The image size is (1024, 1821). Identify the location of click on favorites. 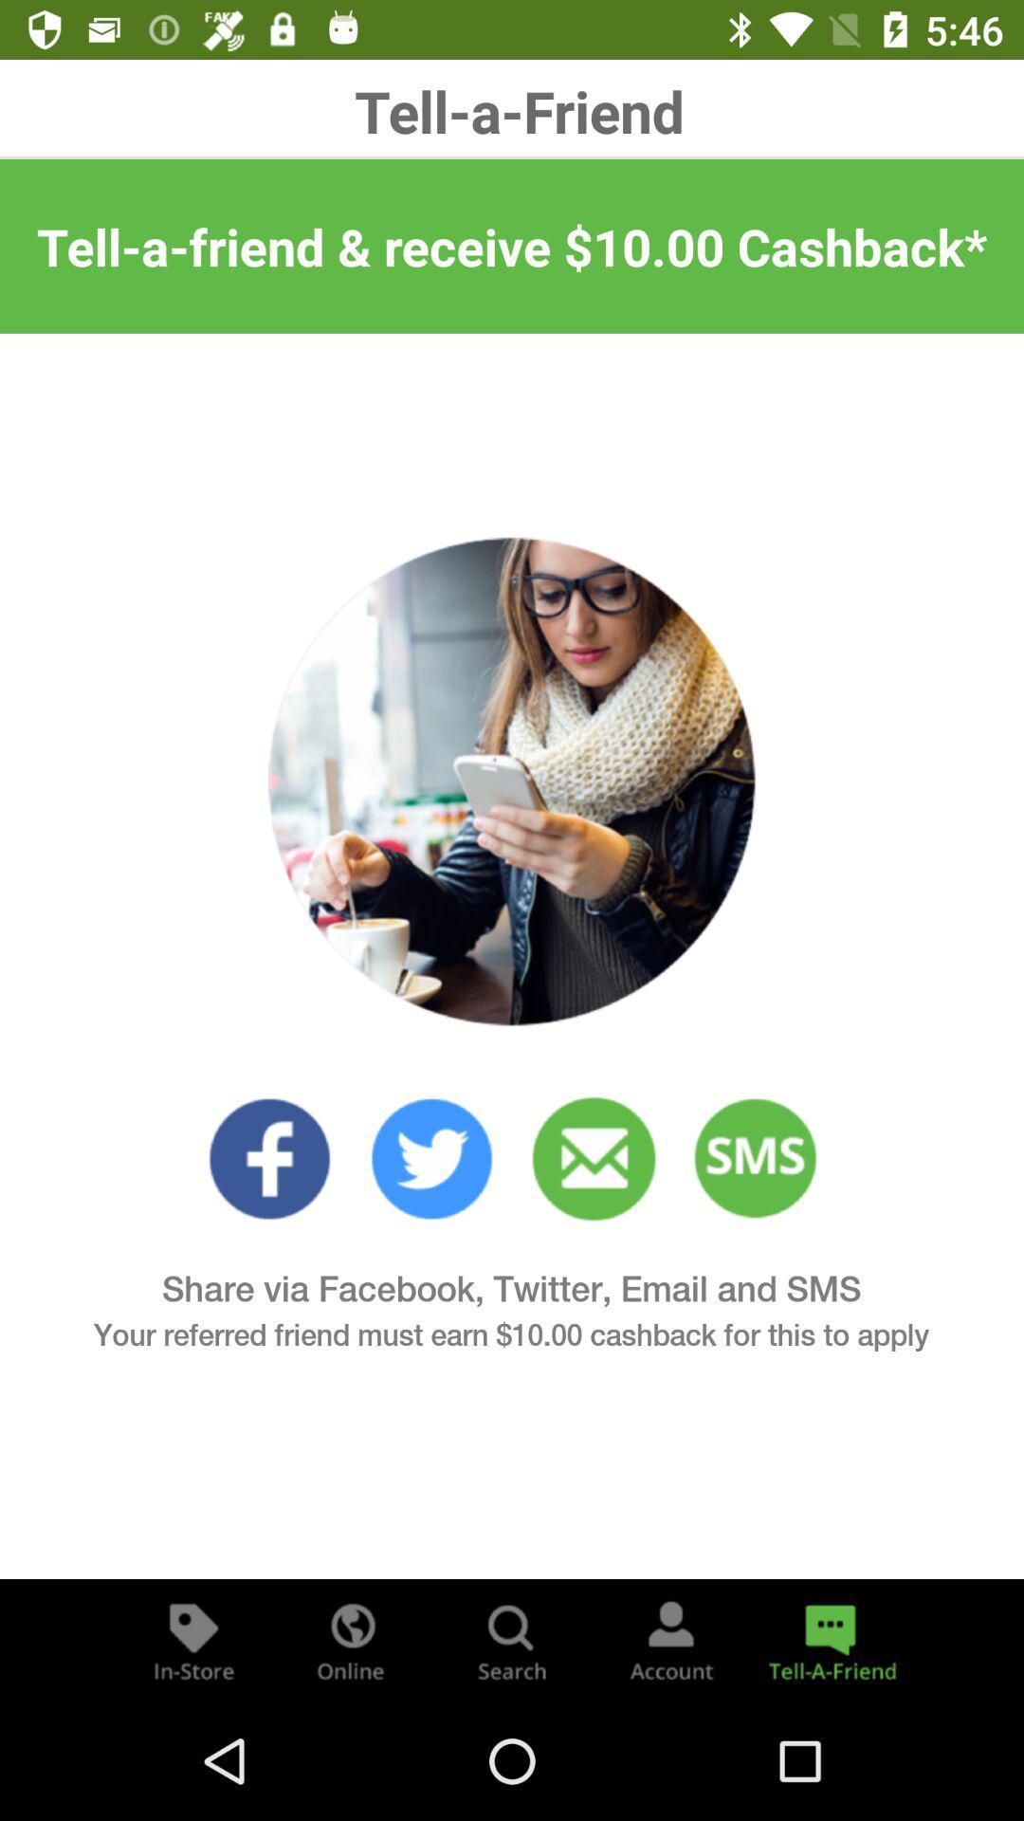
(269, 1158).